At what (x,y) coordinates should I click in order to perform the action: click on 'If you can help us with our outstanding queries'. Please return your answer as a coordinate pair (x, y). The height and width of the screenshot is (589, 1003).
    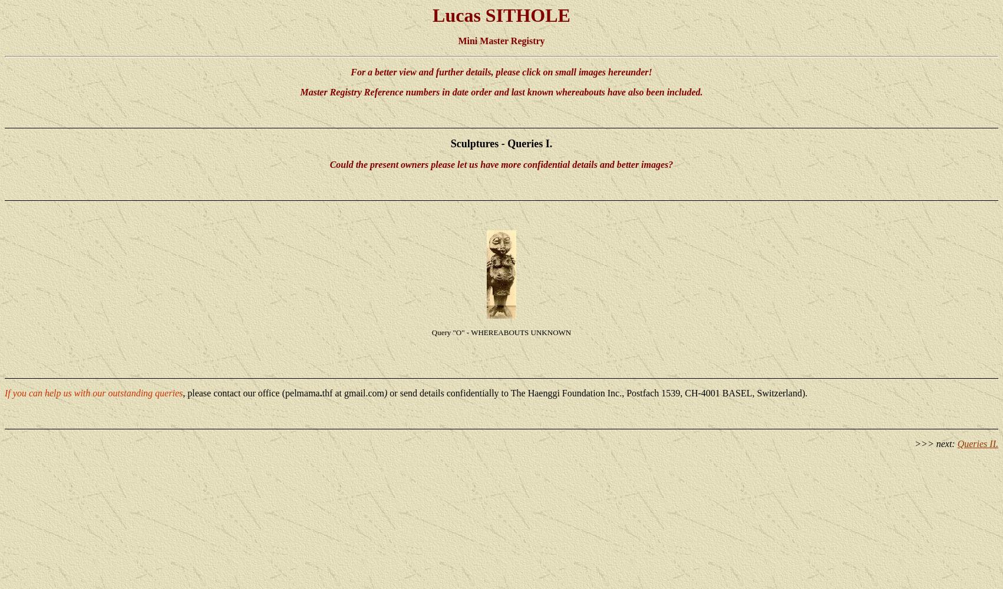
    Looking at the image, I should click on (93, 393).